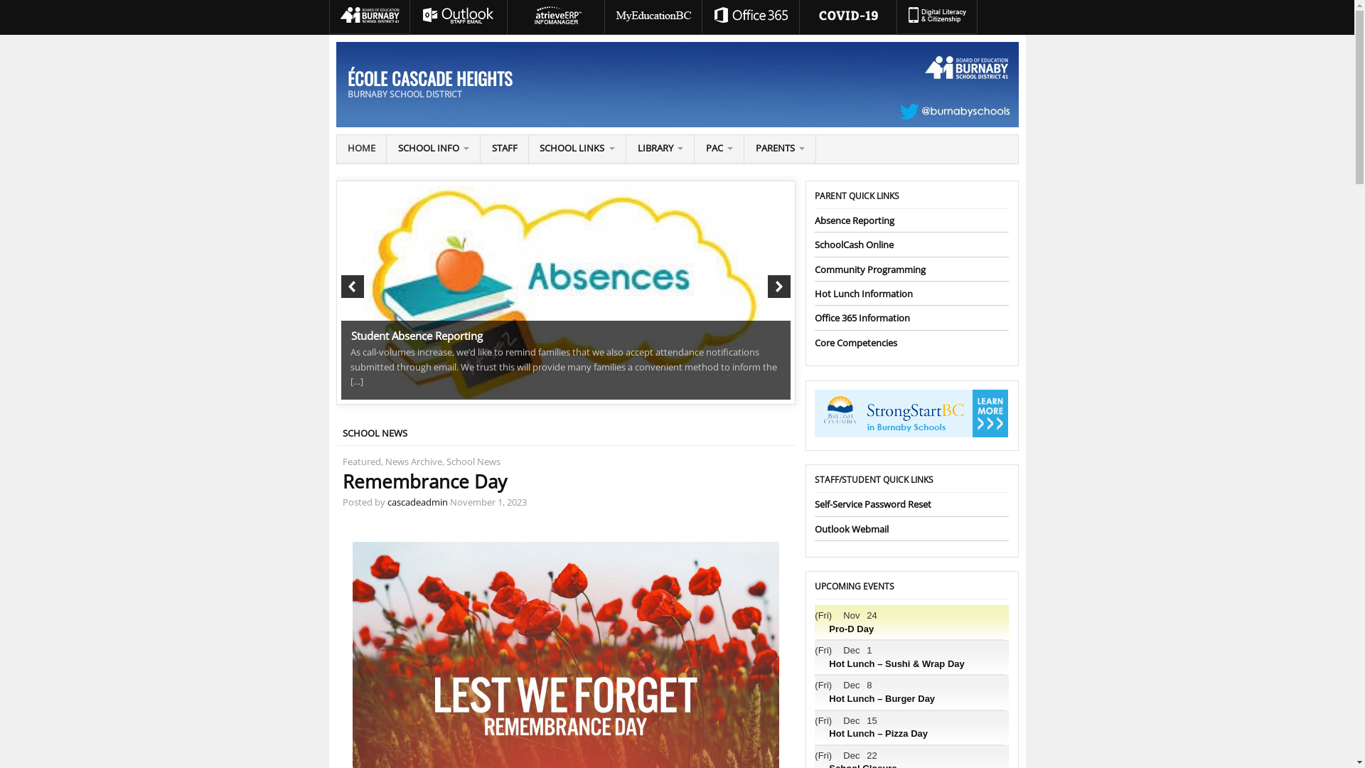 The width and height of the screenshot is (1365, 768). I want to click on 'Remembrance Day', so click(1015, 276).